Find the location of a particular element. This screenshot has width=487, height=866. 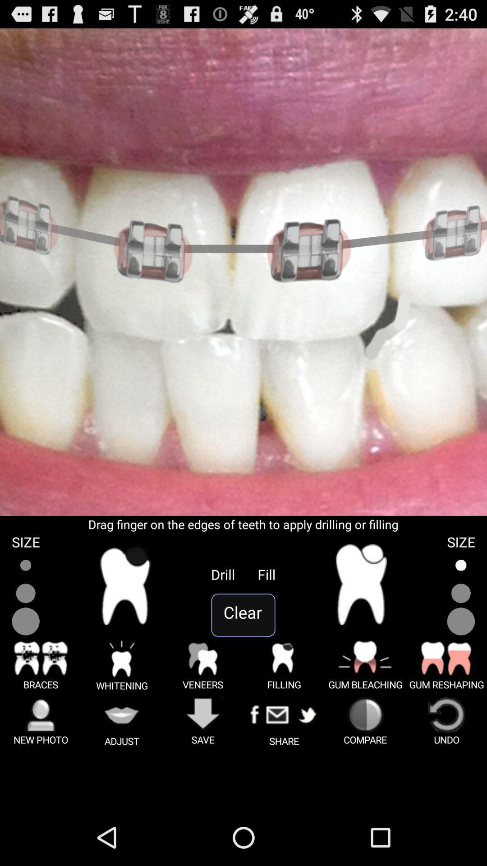

the button clear is located at coordinates (243, 614).